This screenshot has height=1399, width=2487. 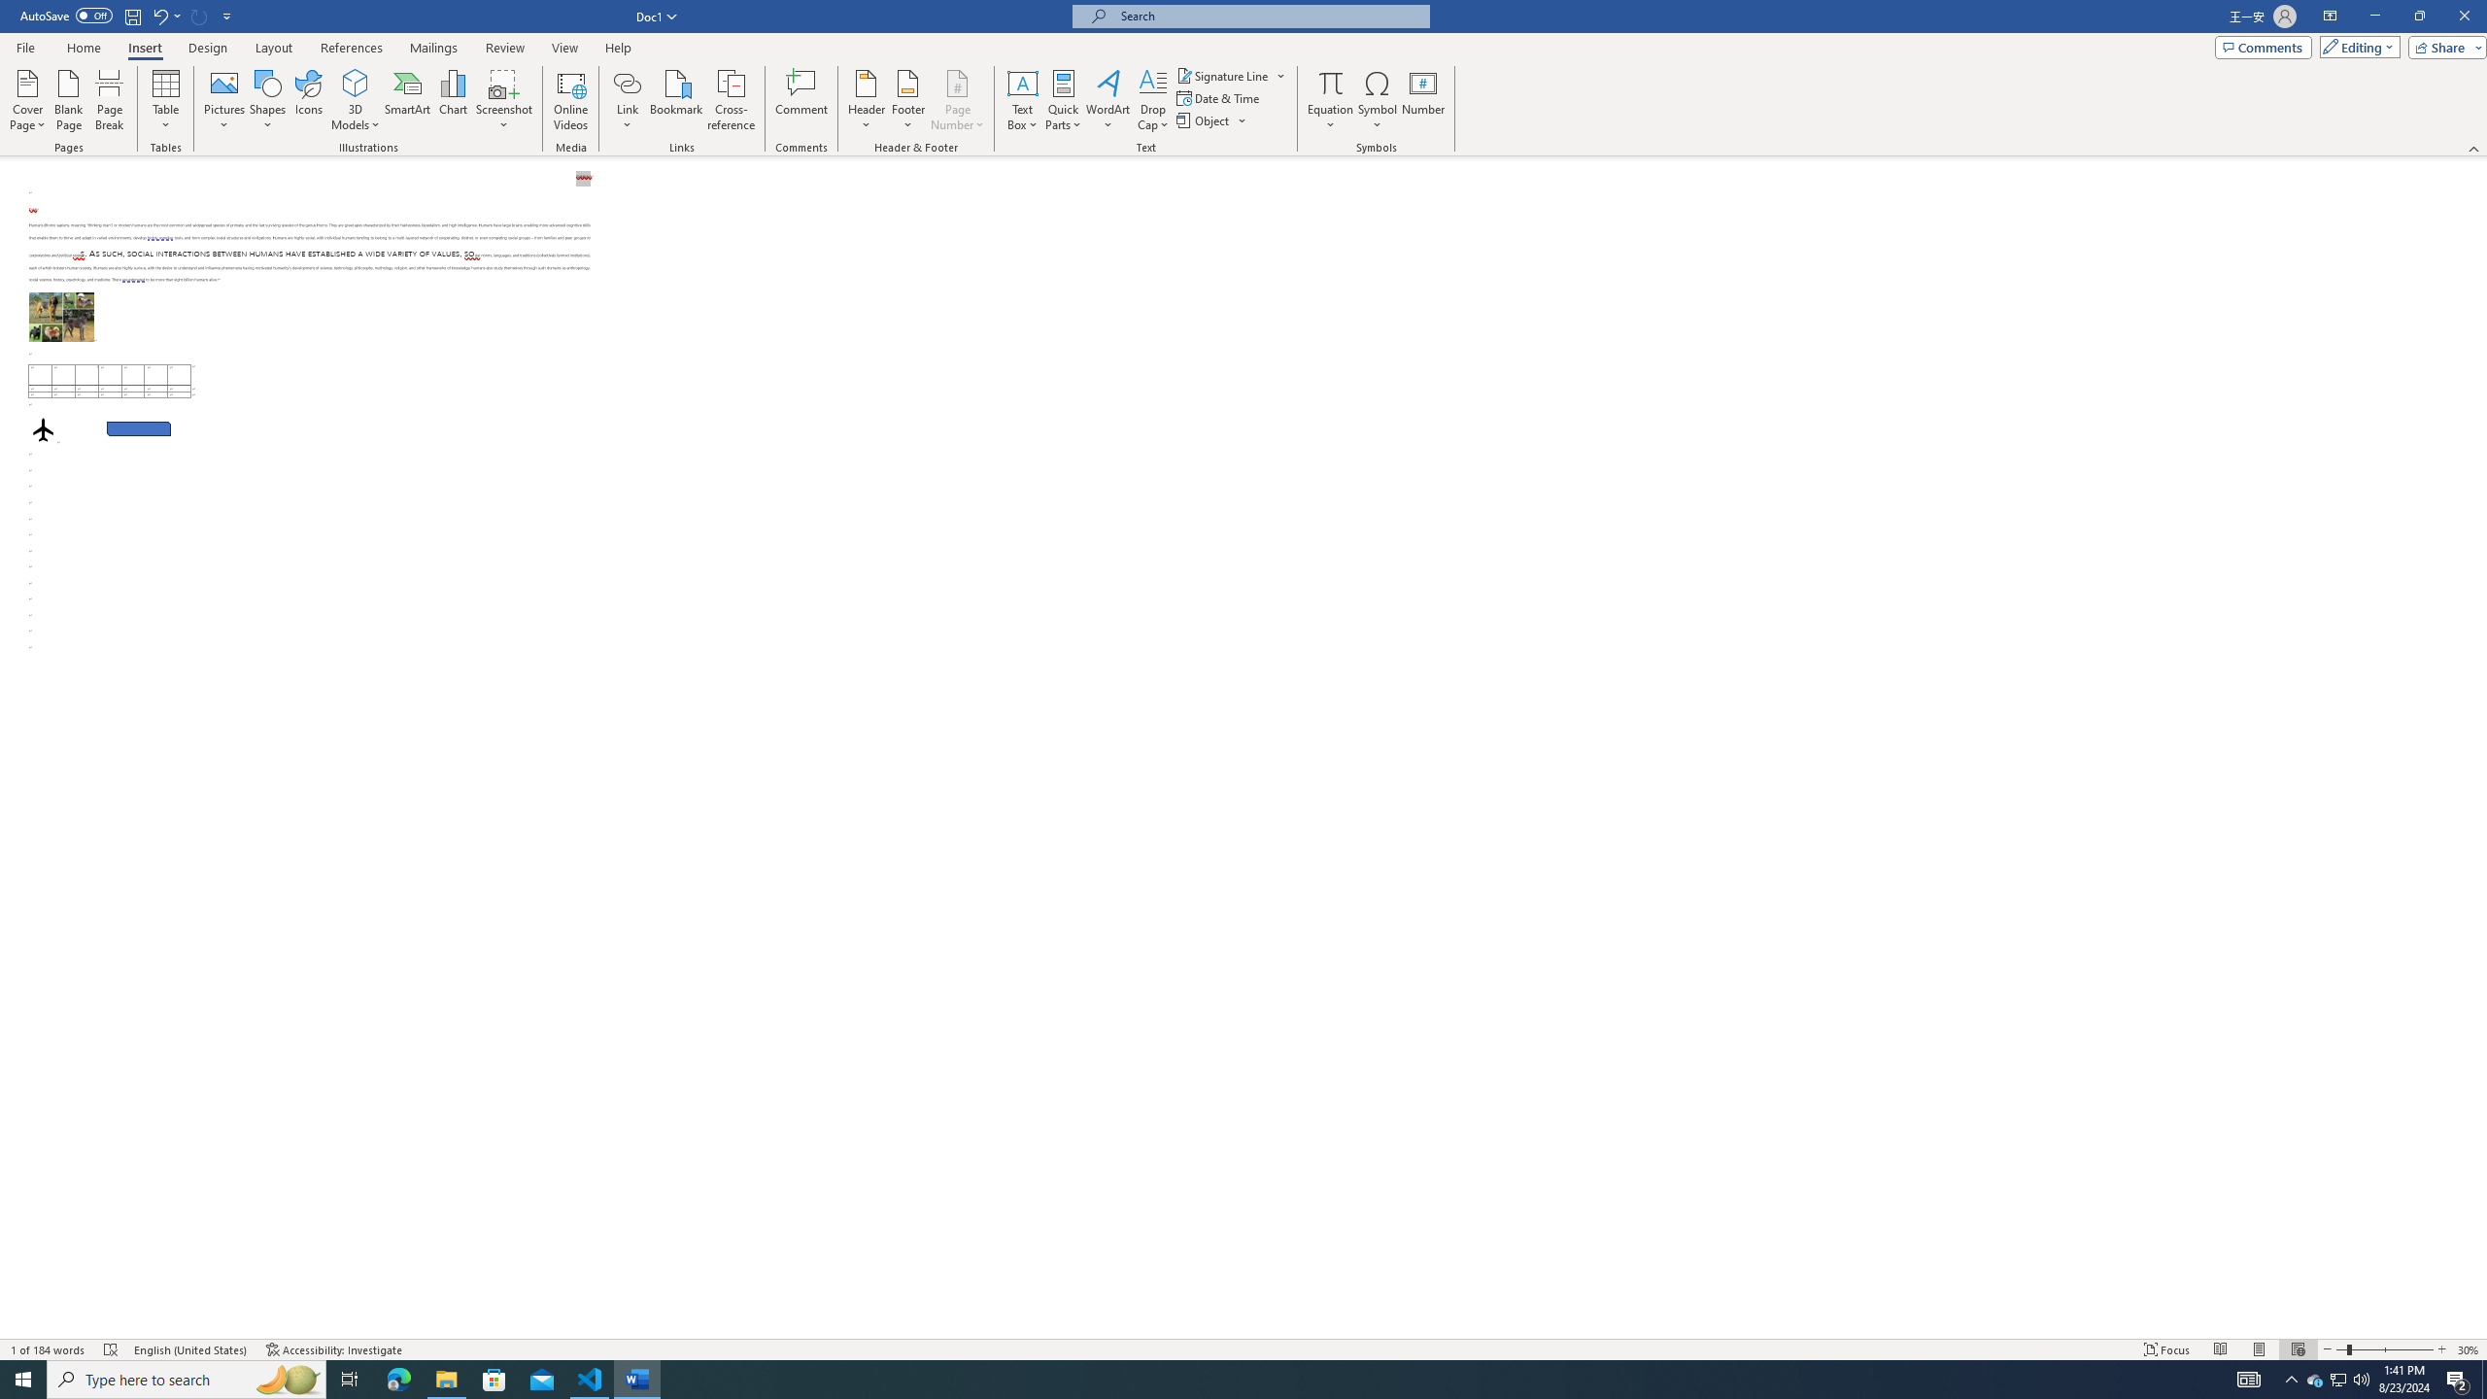 I want to click on 'Quick Access Toolbar', so click(x=126, y=16).